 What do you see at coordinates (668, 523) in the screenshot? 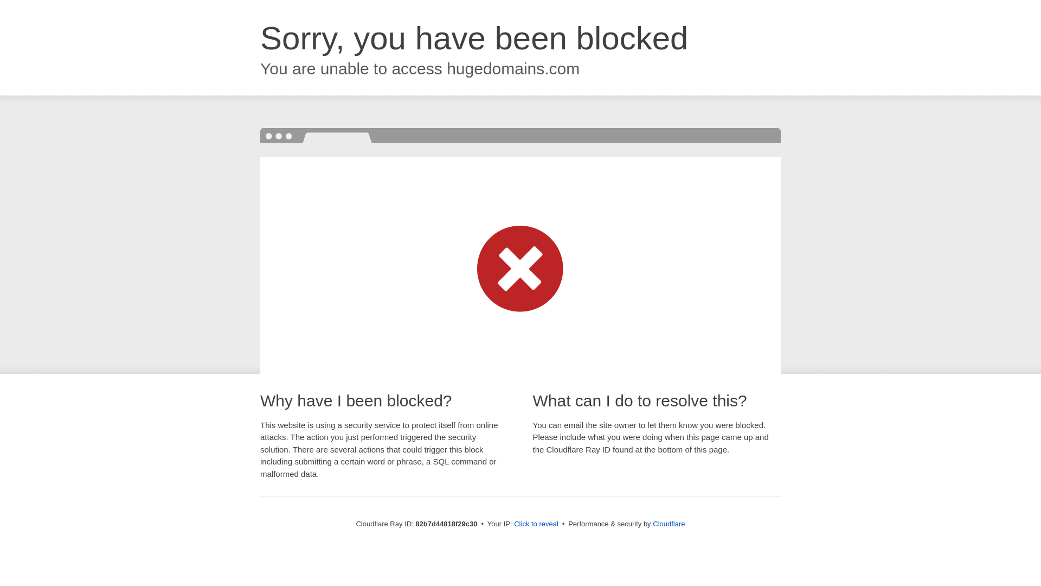
I see `'Cloudflare'` at bounding box center [668, 523].